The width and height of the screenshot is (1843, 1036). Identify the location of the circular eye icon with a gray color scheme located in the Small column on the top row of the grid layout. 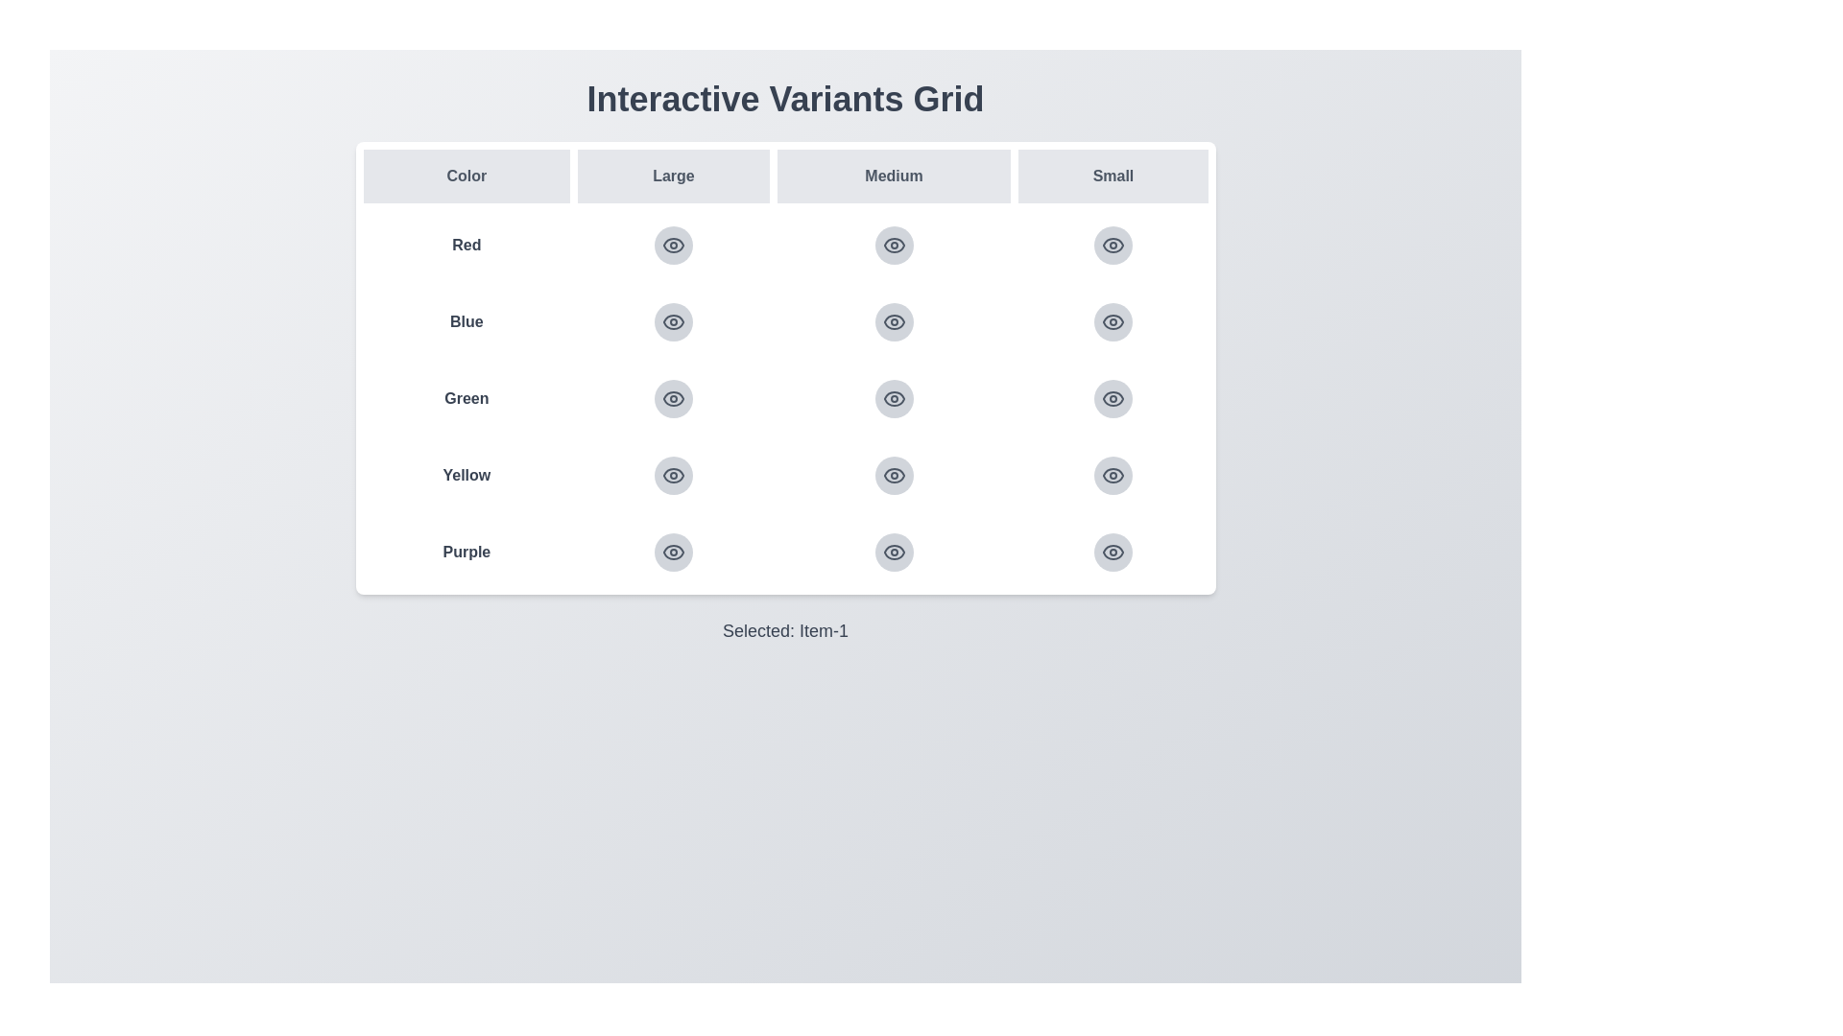
(1113, 244).